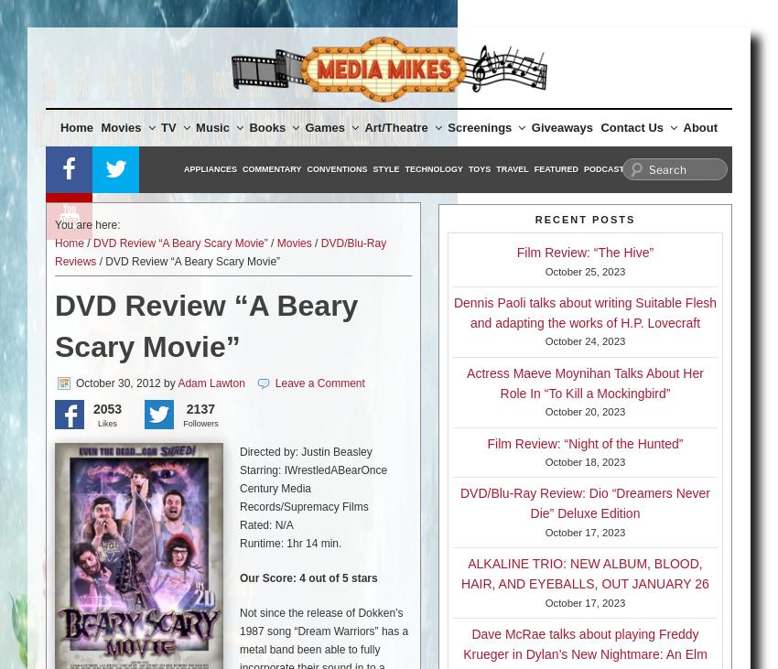  Describe the element at coordinates (248, 126) in the screenshot. I see `'Books'` at that location.